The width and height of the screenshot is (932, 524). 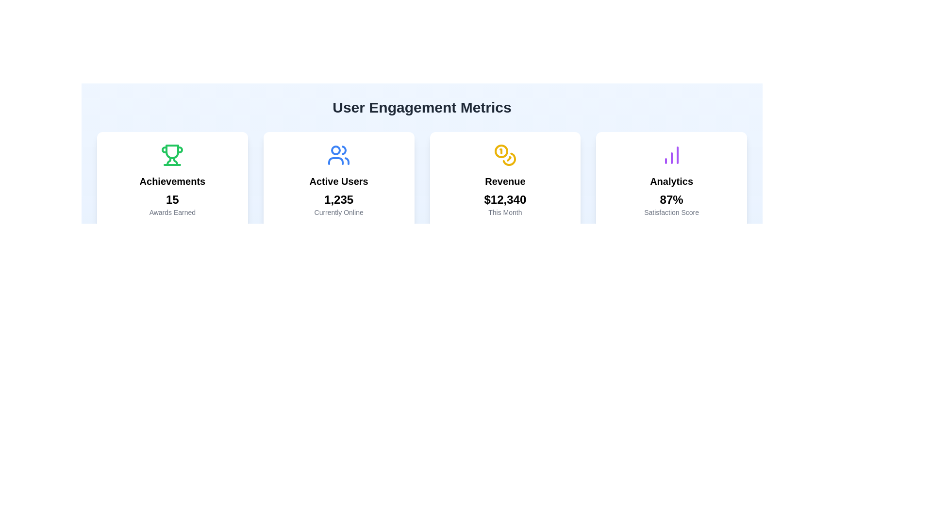 What do you see at coordinates (172, 212) in the screenshot?
I see `the 'Awards Earned' label, which is styled with a small gray font and located beneath the number '15' within the 'Achievements' metric card` at bounding box center [172, 212].